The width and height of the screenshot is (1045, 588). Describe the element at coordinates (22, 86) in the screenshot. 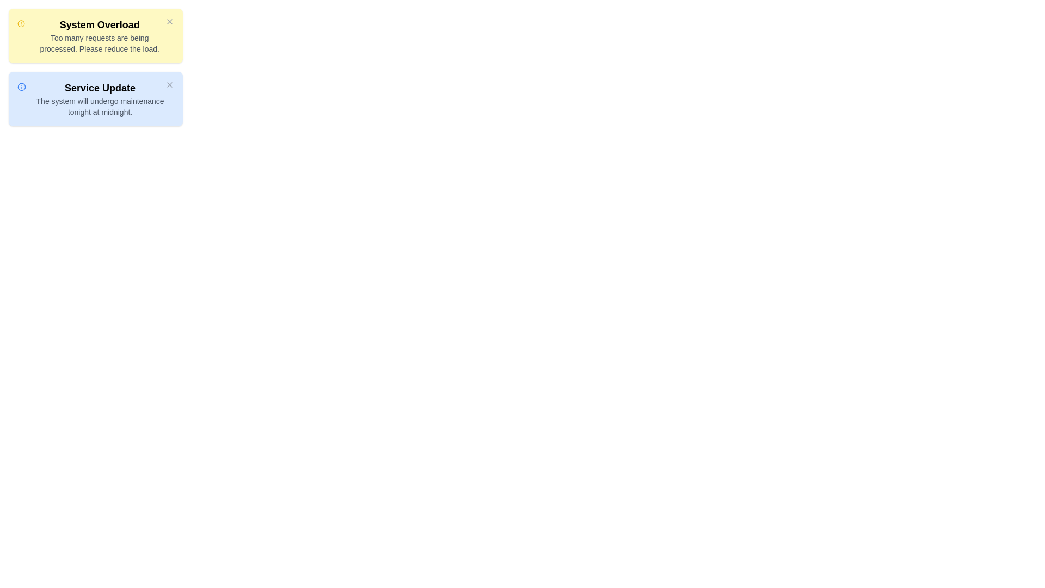

I see `the circular information icon with a blue boundary and white content located on the left side of the 'Service Update' notification box` at that location.